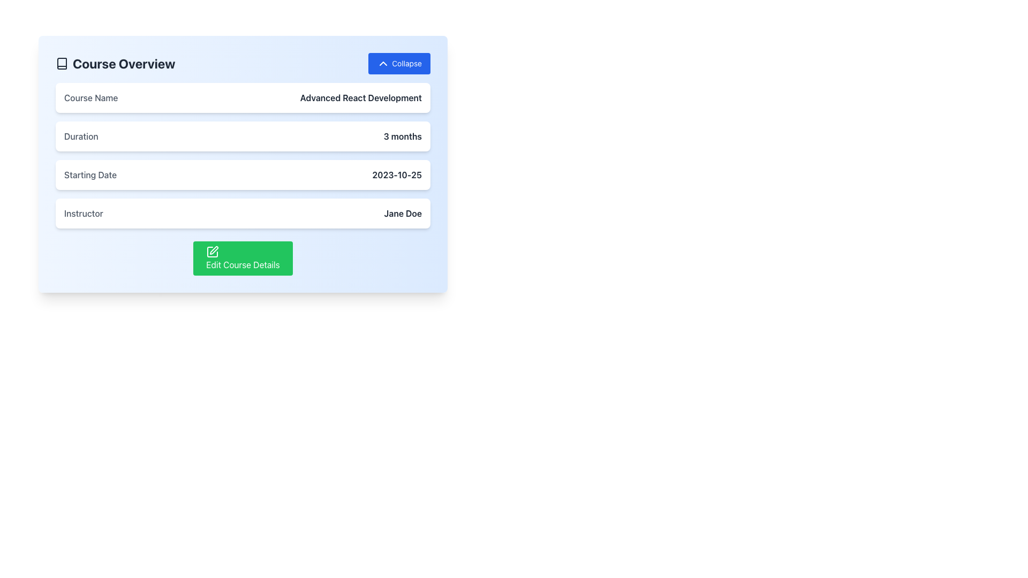 The width and height of the screenshot is (1028, 578). What do you see at coordinates (213, 252) in the screenshot?
I see `the green button icon with rounded edges located near the bottom center of the panel, next to a text label` at bounding box center [213, 252].